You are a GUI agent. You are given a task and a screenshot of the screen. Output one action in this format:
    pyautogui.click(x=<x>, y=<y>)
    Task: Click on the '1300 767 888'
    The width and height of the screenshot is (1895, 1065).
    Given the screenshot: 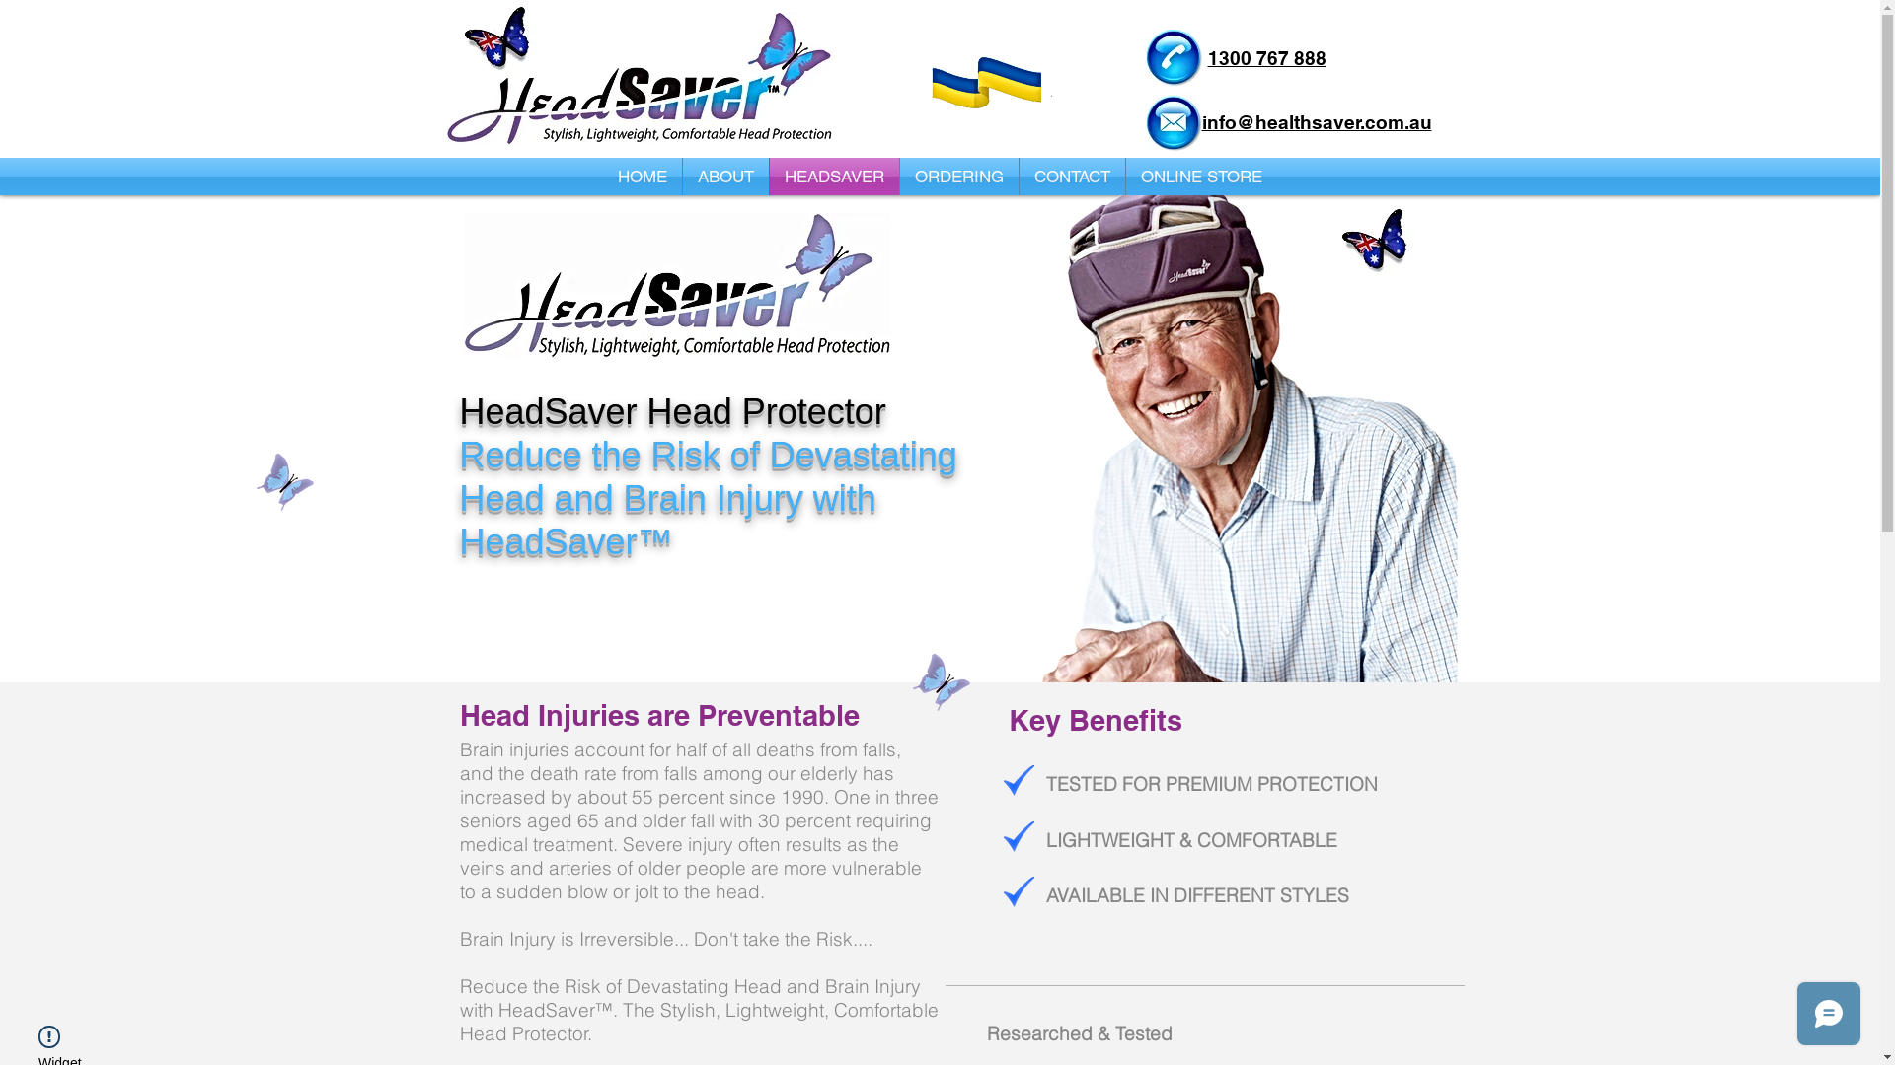 What is the action you would take?
    pyautogui.click(x=1266, y=56)
    